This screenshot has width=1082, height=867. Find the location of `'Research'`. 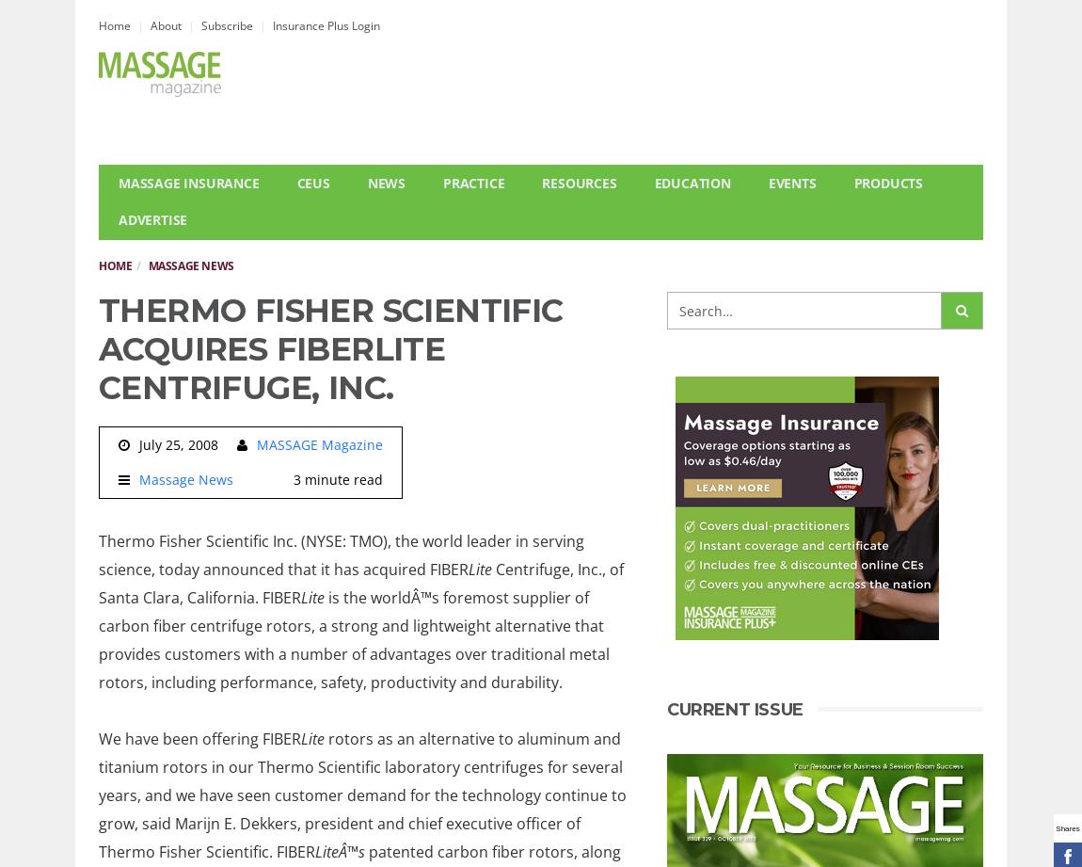

'Research' is located at coordinates (486, 328).